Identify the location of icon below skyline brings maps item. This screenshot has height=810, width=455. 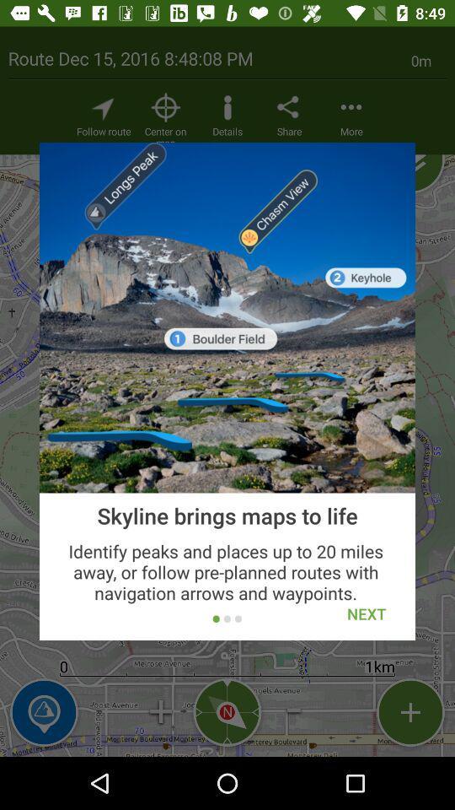
(366, 613).